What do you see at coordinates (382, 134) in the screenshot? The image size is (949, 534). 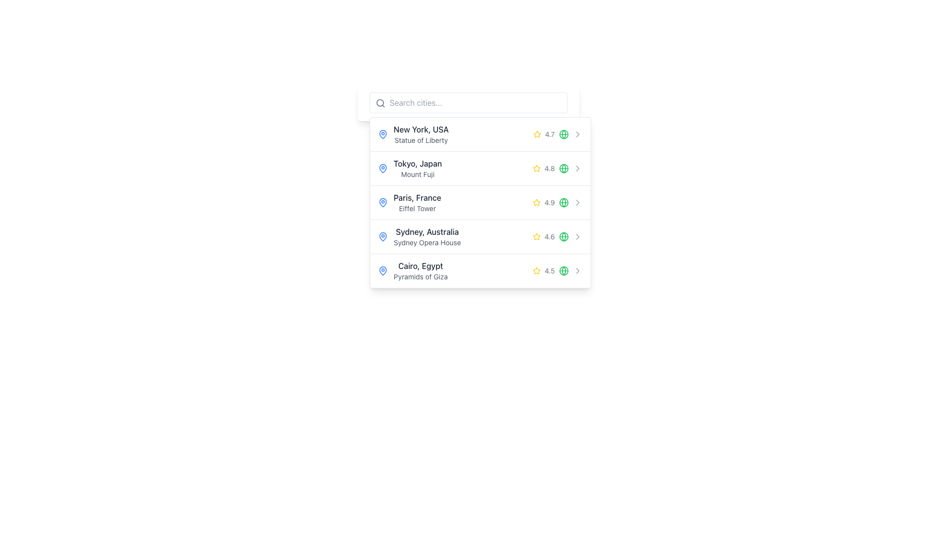 I see `the blue location pin icon, which is styled with a 'text-blue-500' class and is positioned to the left of the text 'New York, USA Statue of Liberty' in the first list item of the search results` at bounding box center [382, 134].